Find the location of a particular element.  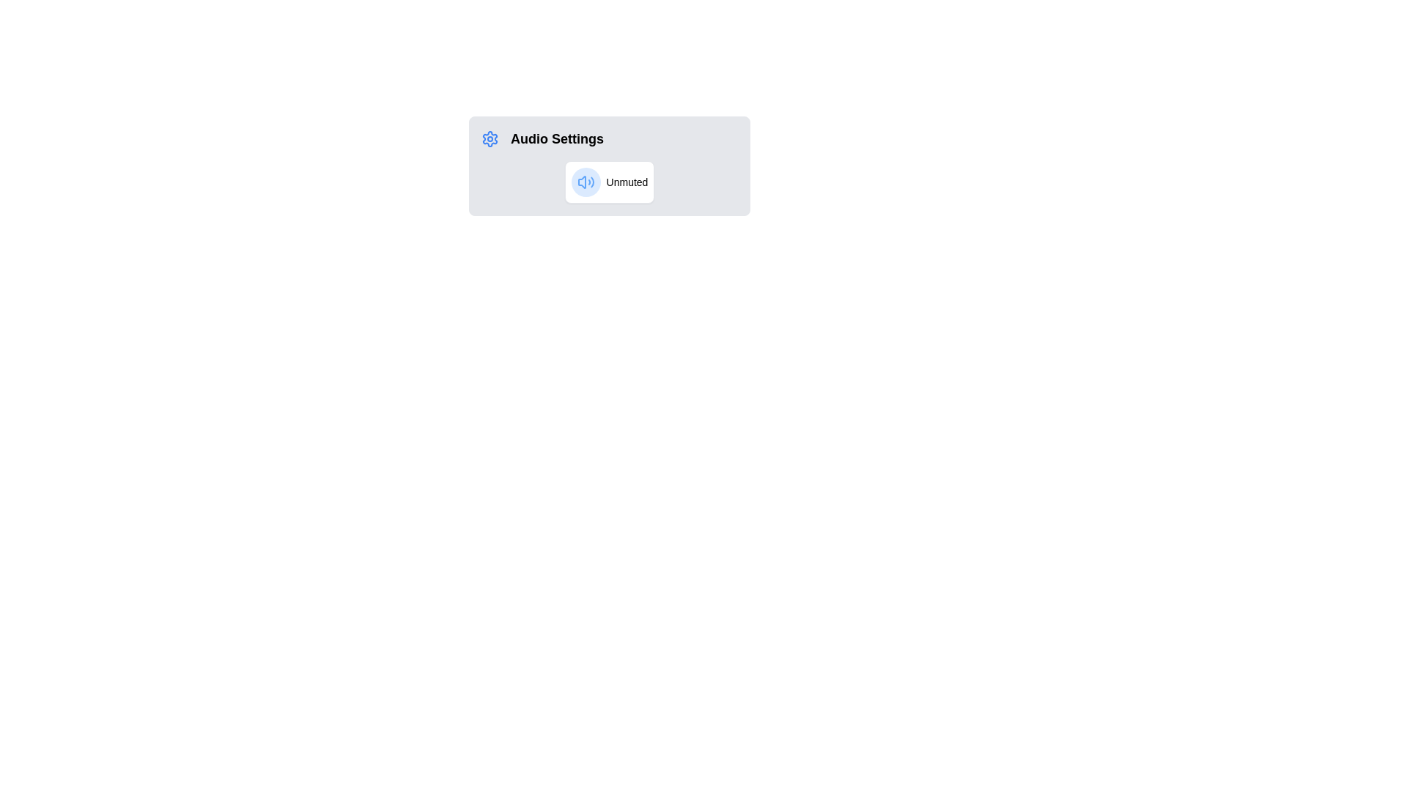

the 'Unmuted' status indicator within the audio settings panel, which is located in the top-left section of the larger panel is located at coordinates (609, 166).